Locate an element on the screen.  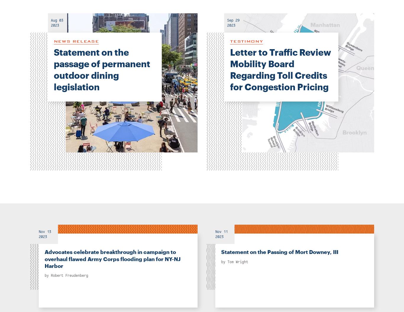
'Advocates celebrate breakthrough in campaign to overhaul flawed Army Corps flooding plan for NY-NJ Harbor' is located at coordinates (112, 259).